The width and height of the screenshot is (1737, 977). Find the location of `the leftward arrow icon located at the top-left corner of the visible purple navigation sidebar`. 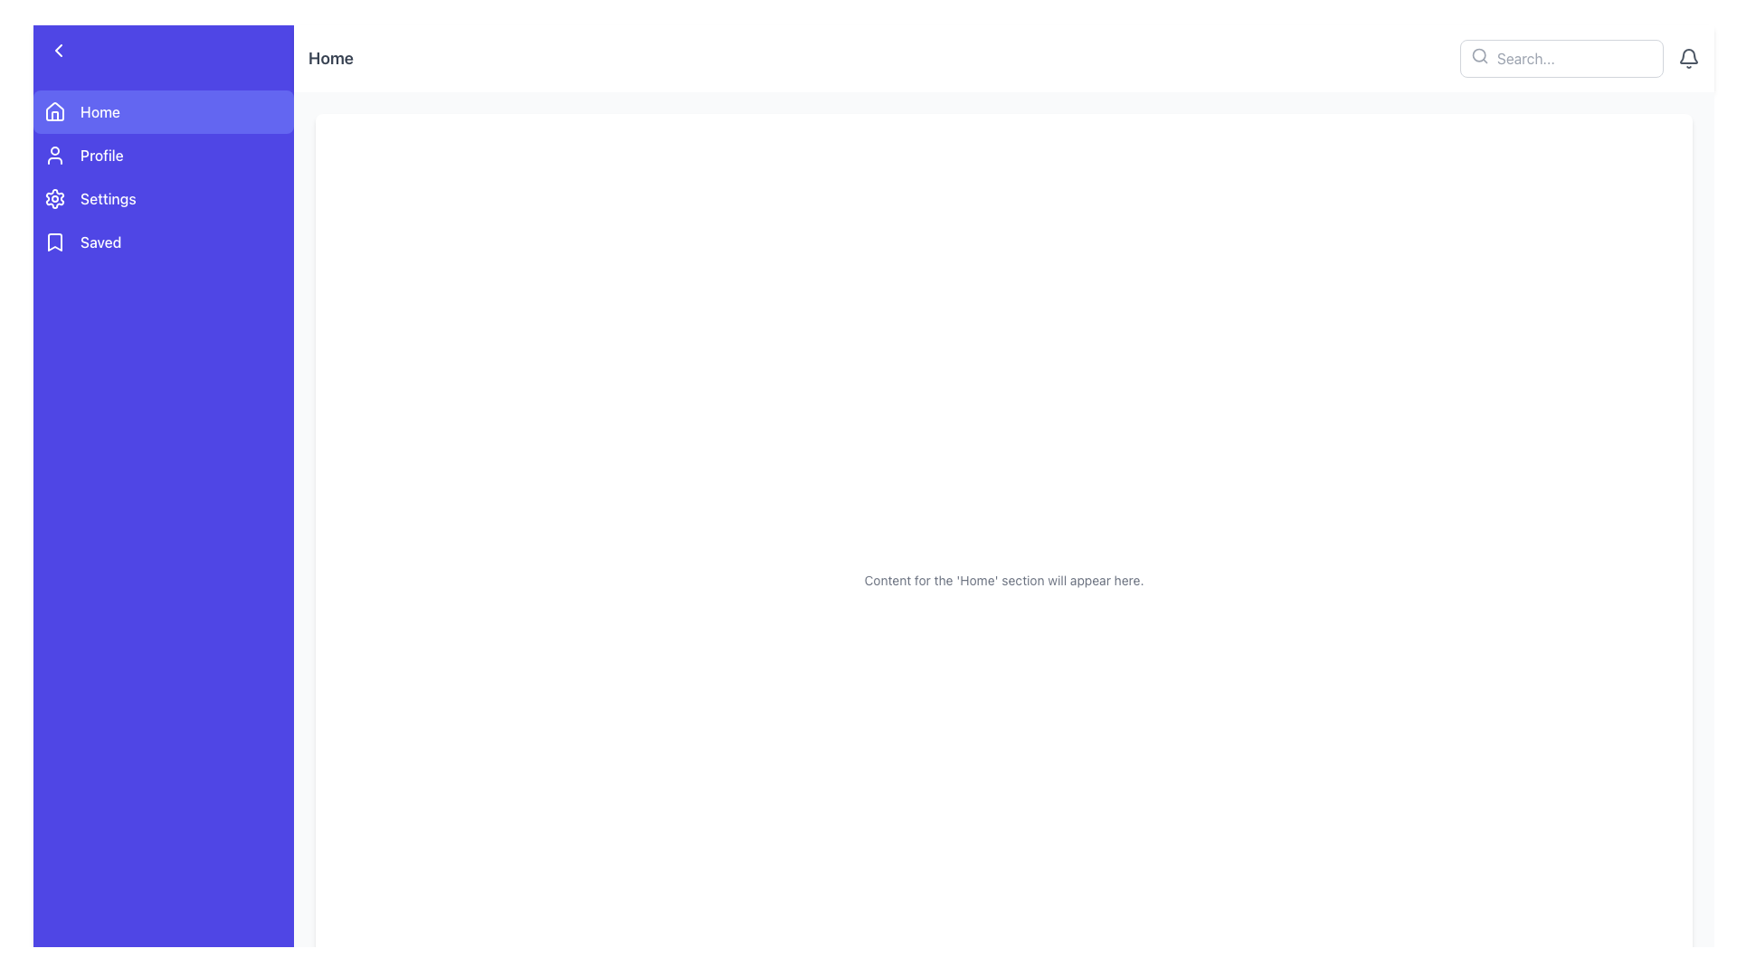

the leftward arrow icon located at the top-left corner of the visible purple navigation sidebar is located at coordinates (59, 50).